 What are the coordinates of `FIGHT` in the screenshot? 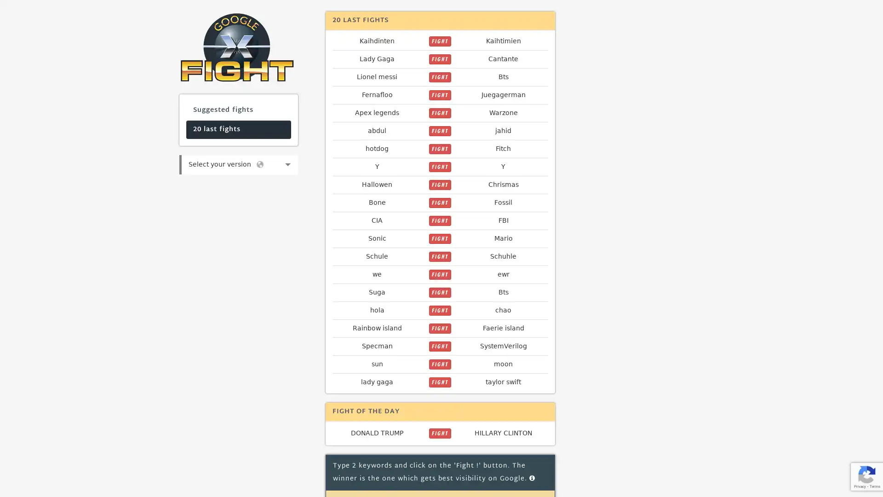 It's located at (439, 257).